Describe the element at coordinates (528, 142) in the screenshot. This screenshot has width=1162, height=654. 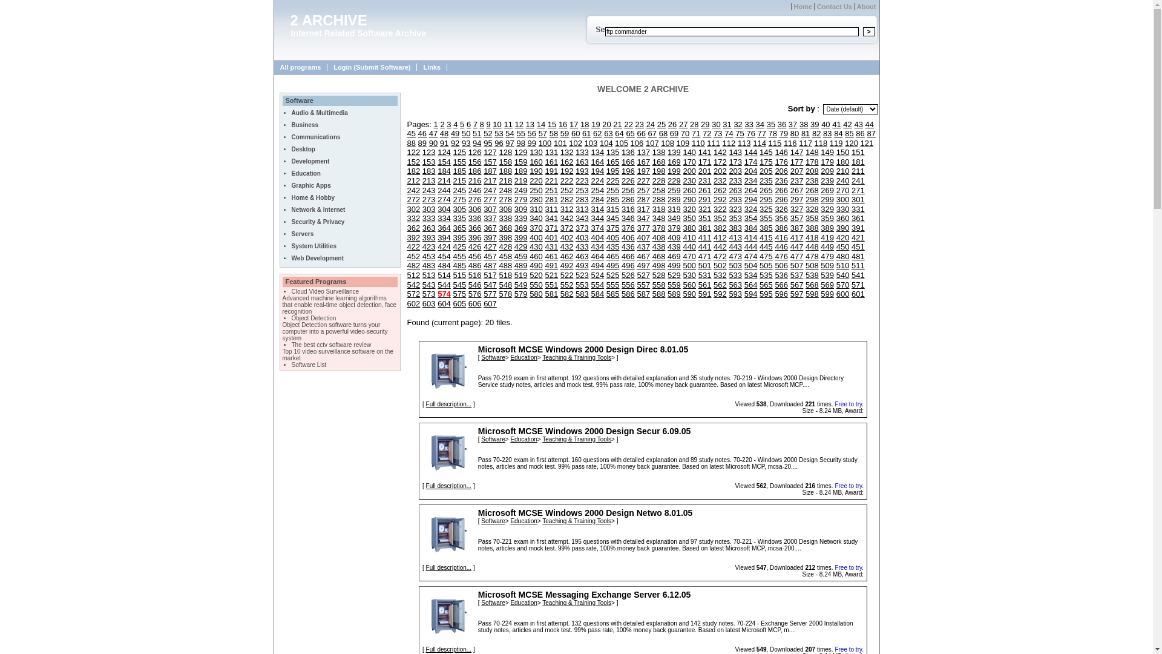
I see `'99'` at that location.